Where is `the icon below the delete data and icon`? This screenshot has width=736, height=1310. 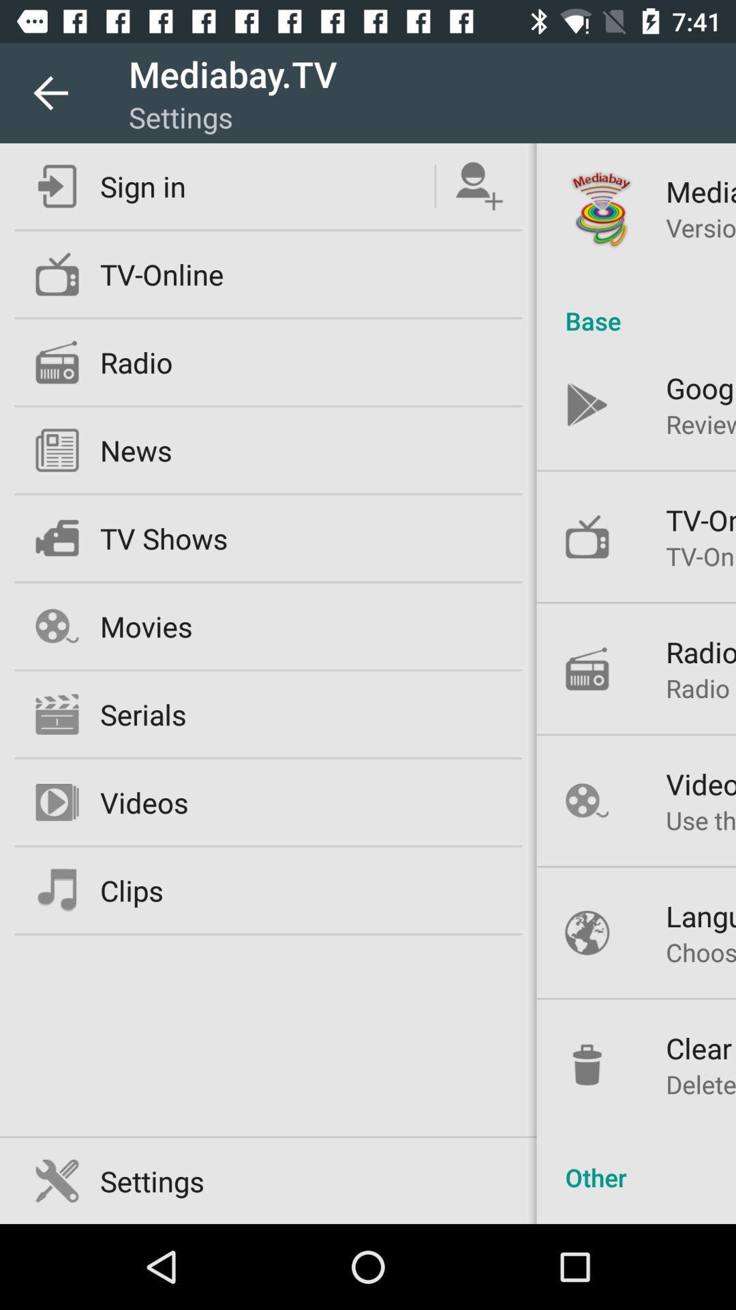 the icon below the delete data and icon is located at coordinates (636, 1162).